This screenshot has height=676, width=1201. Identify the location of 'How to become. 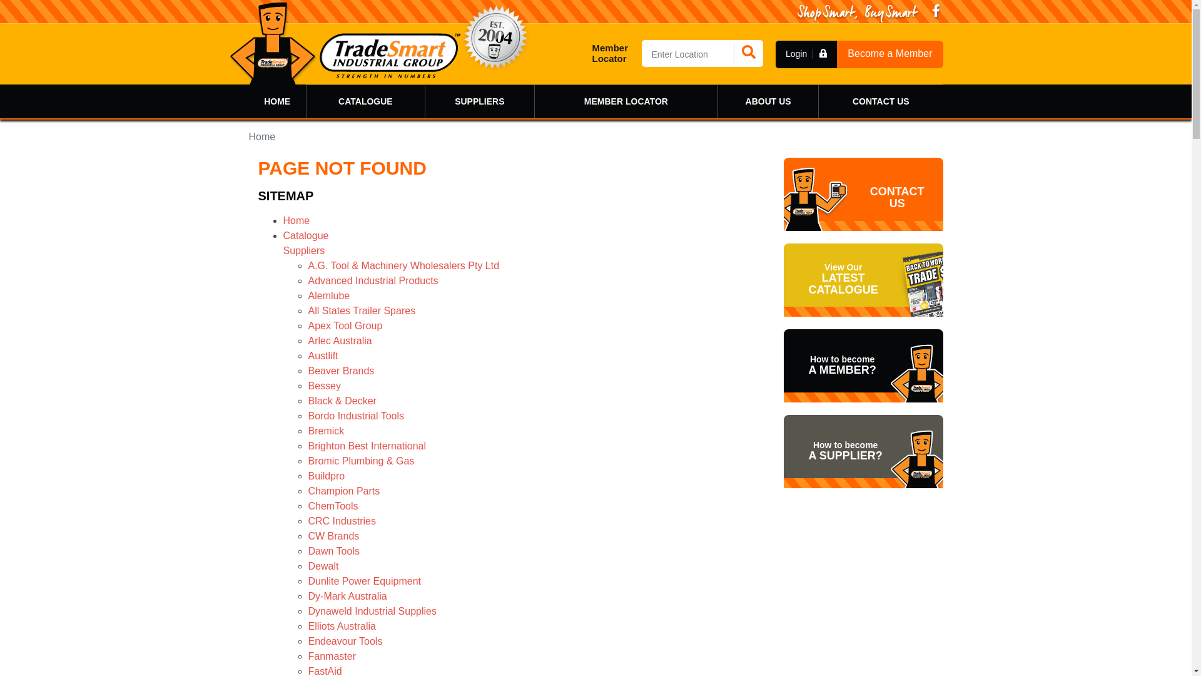
(862, 366).